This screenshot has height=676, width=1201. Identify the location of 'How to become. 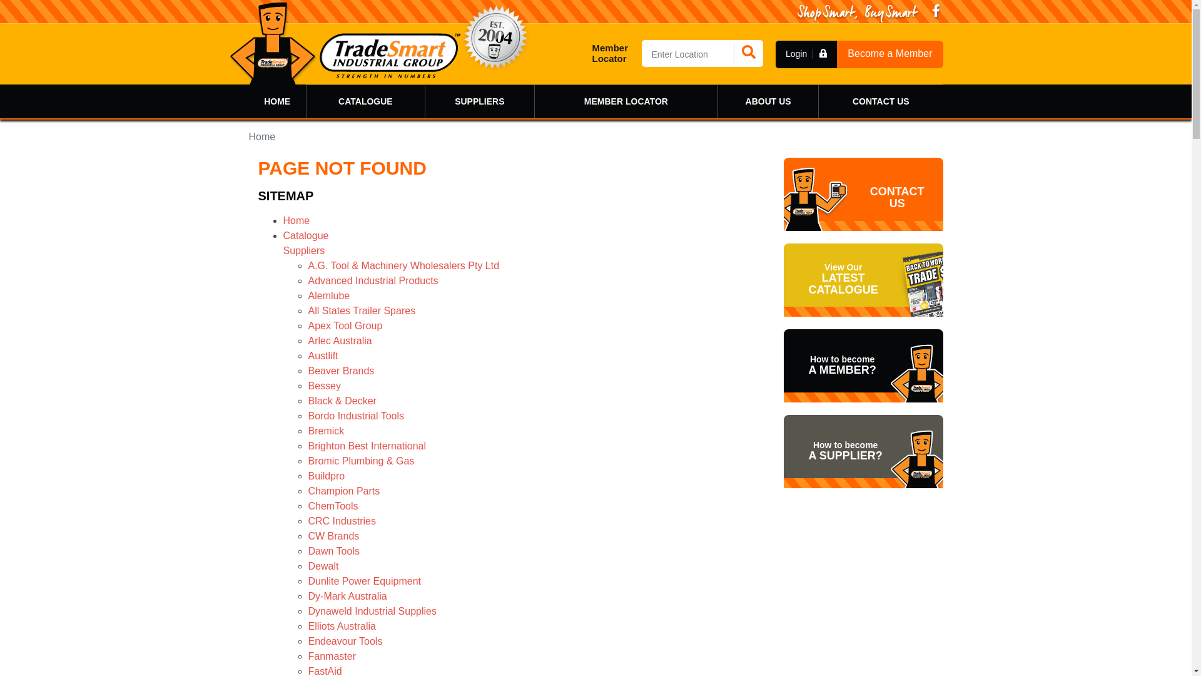
(862, 366).